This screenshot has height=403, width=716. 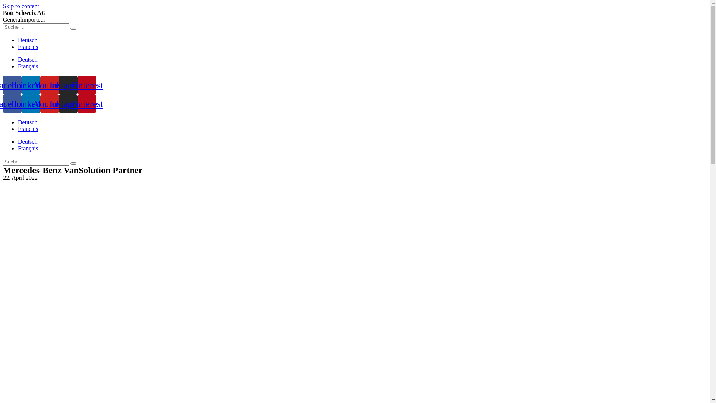 I want to click on 'Facebook', so click(x=12, y=103).